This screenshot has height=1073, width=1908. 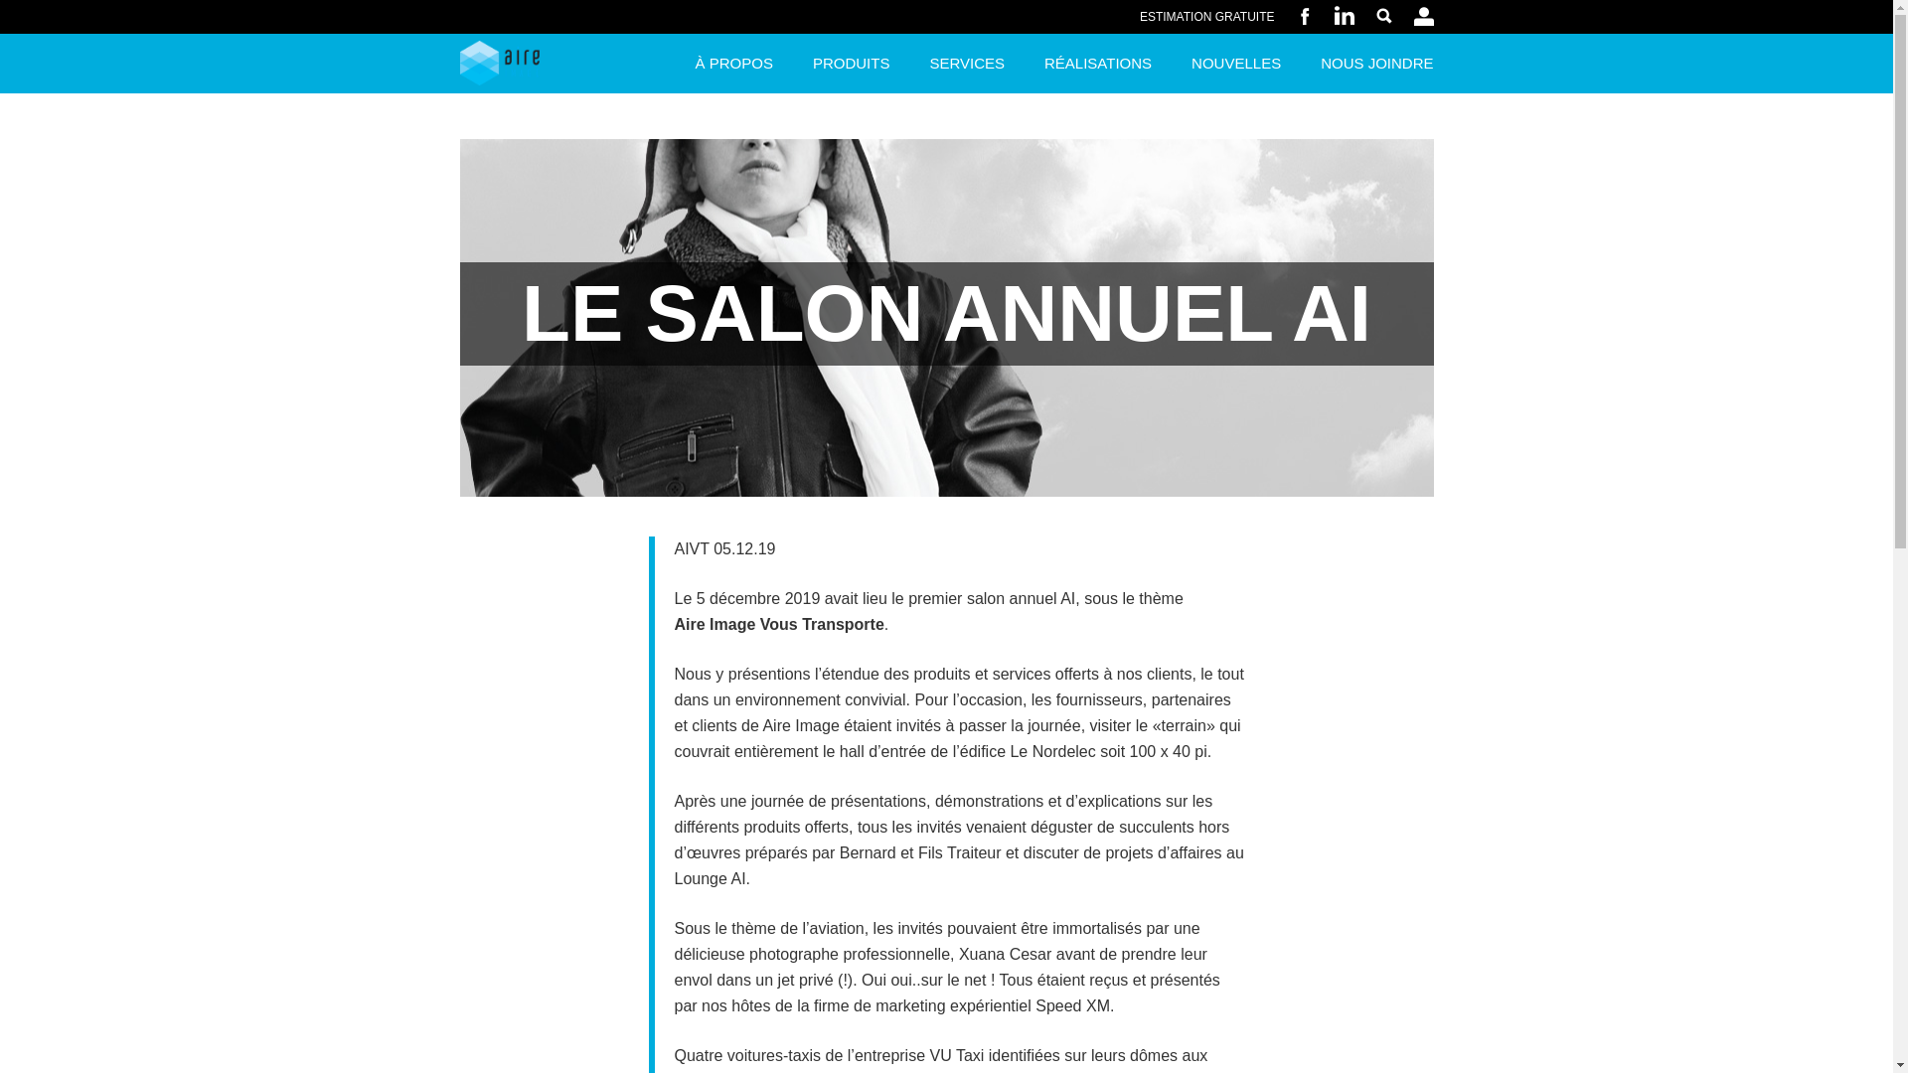 What do you see at coordinates (1205, 16) in the screenshot?
I see `'ESTIMATION GRATUITE'` at bounding box center [1205, 16].